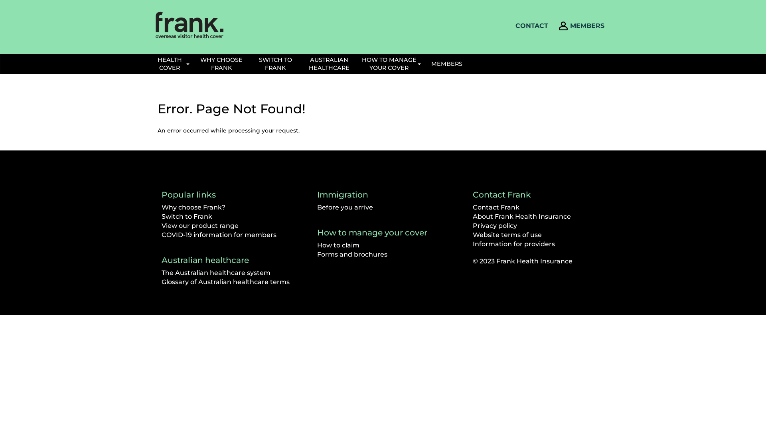 This screenshot has height=431, width=766. What do you see at coordinates (473, 243) in the screenshot?
I see `'Information for providers'` at bounding box center [473, 243].